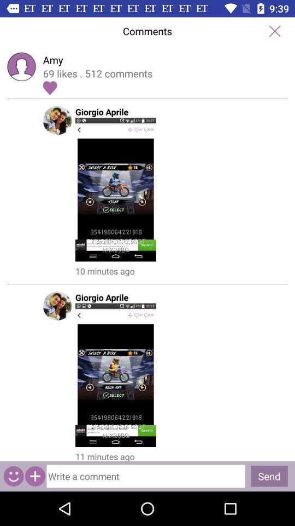 This screenshot has height=526, width=295. Describe the element at coordinates (35, 476) in the screenshot. I see `content` at that location.